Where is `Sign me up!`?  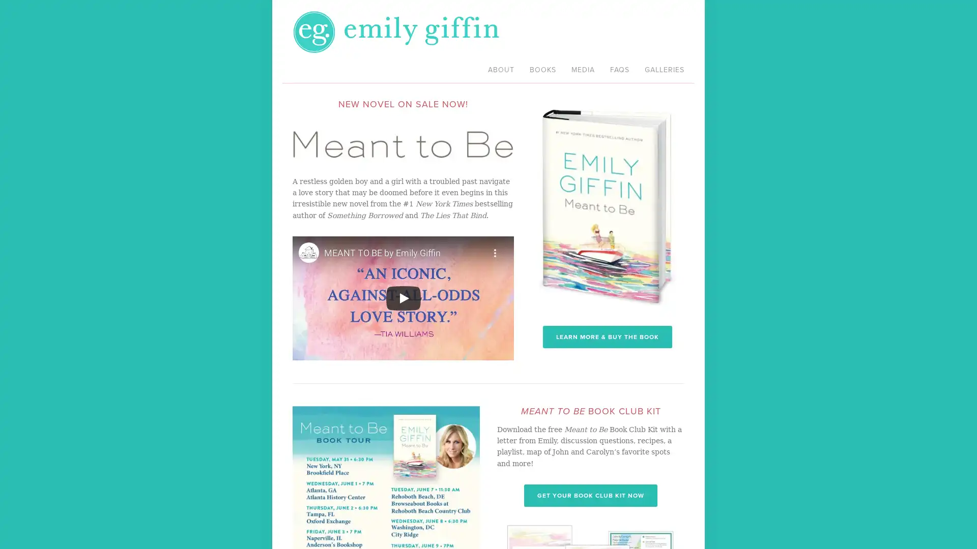 Sign me up! is located at coordinates (570, 288).